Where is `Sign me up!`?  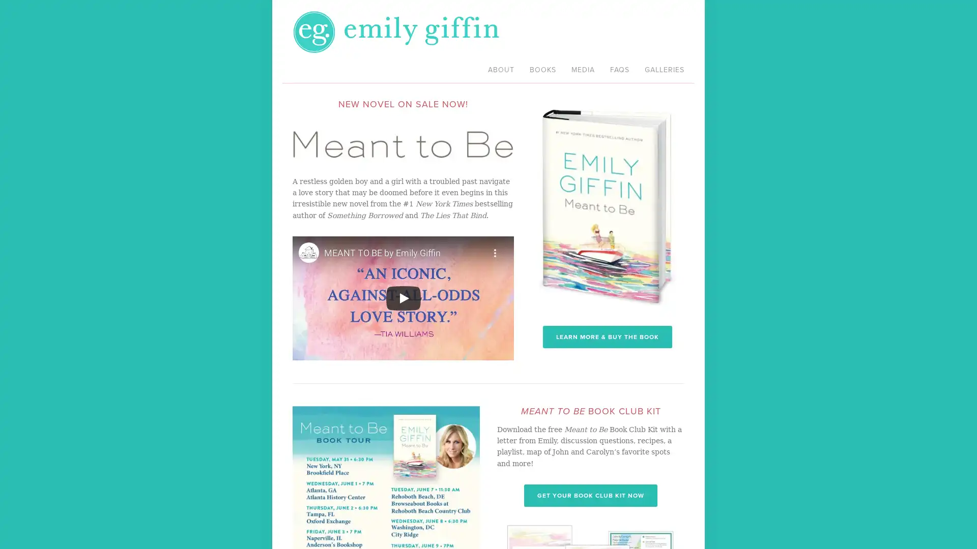 Sign me up! is located at coordinates (570, 288).